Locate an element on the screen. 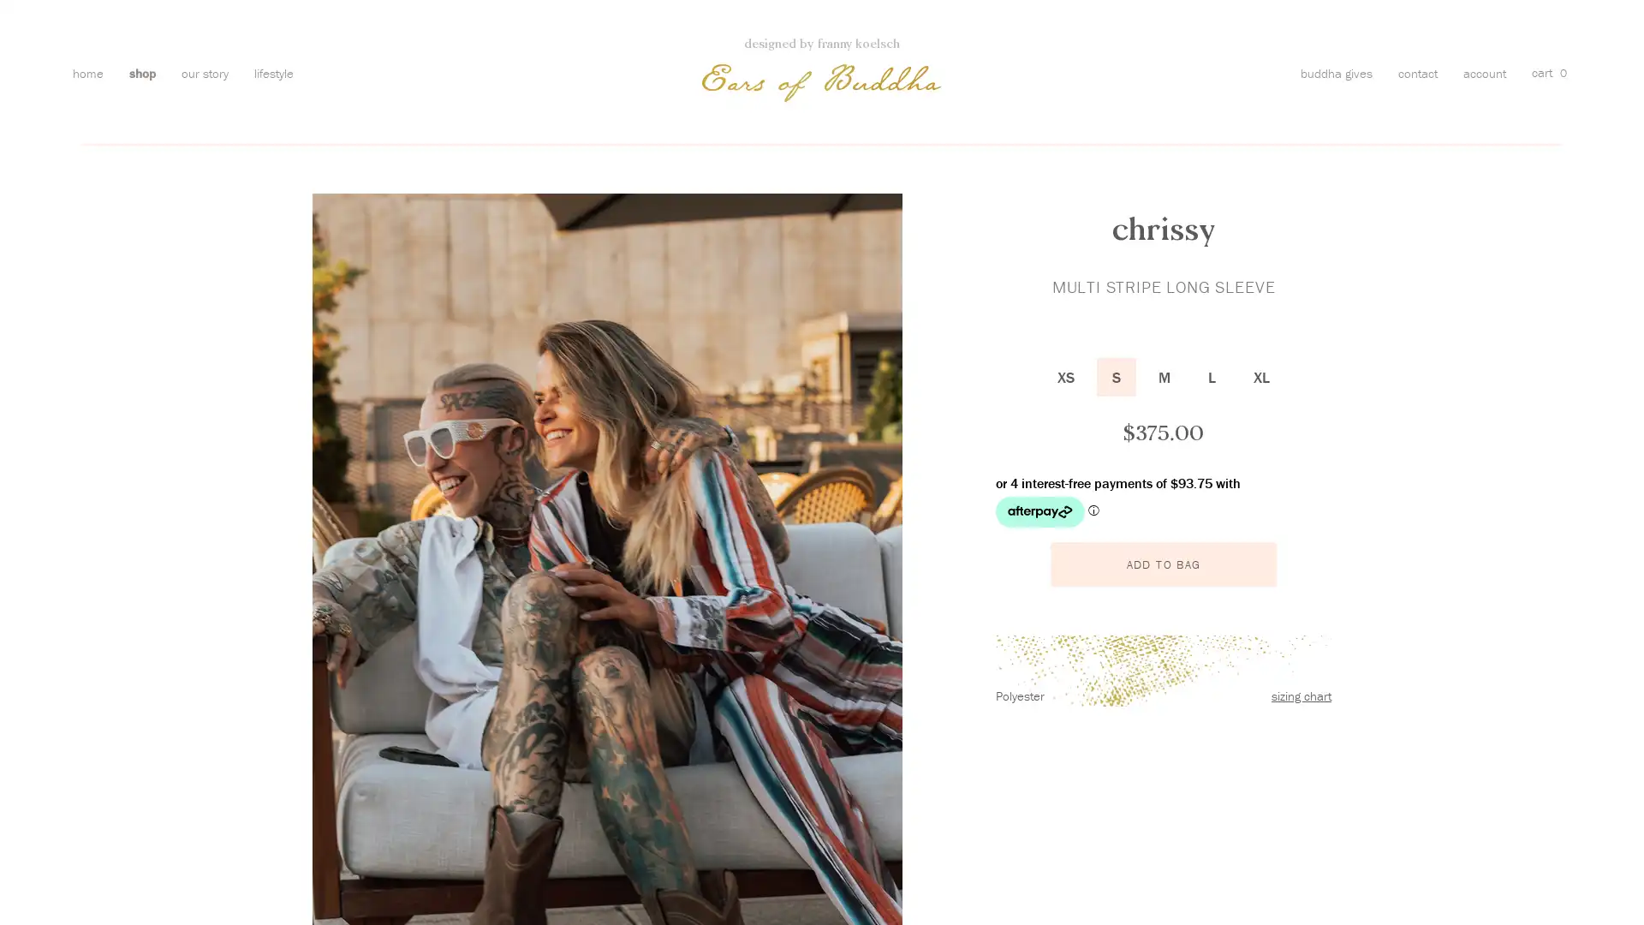 The height and width of the screenshot is (925, 1644). Afterpay logo - Opens a dialog is located at coordinates (1039, 514).